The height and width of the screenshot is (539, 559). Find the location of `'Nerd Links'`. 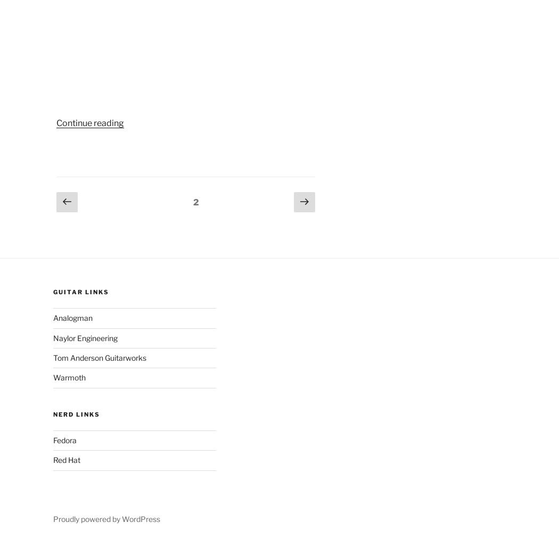

'Nerd Links' is located at coordinates (76, 413).